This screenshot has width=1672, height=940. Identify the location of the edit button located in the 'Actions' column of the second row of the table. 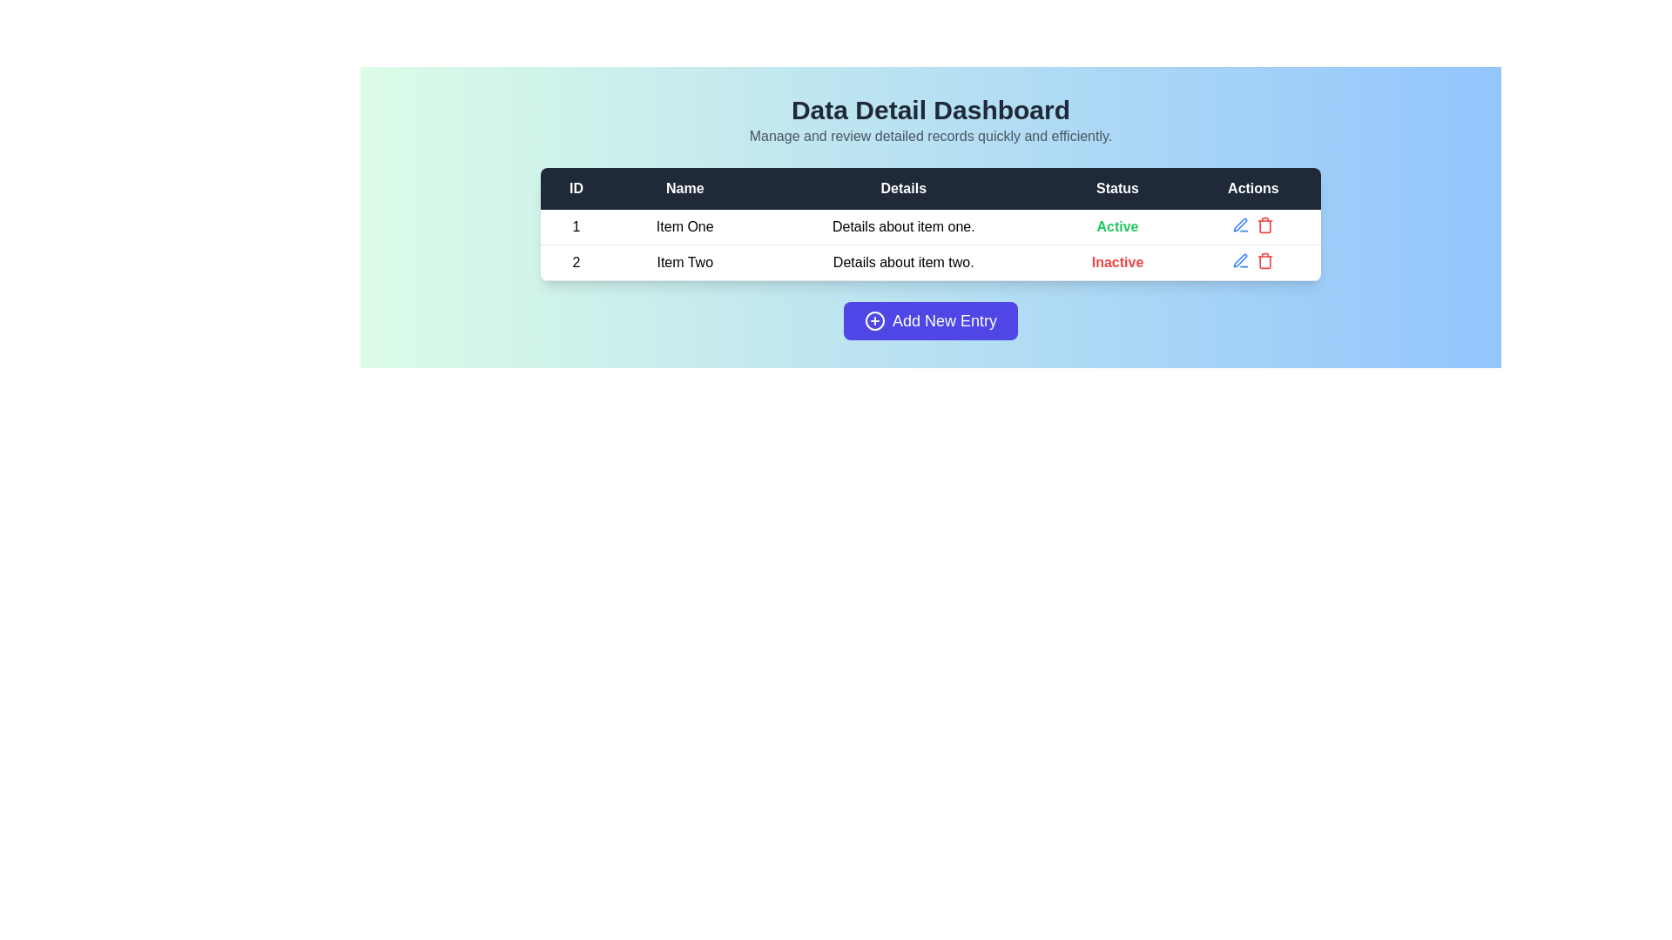
(1240, 224).